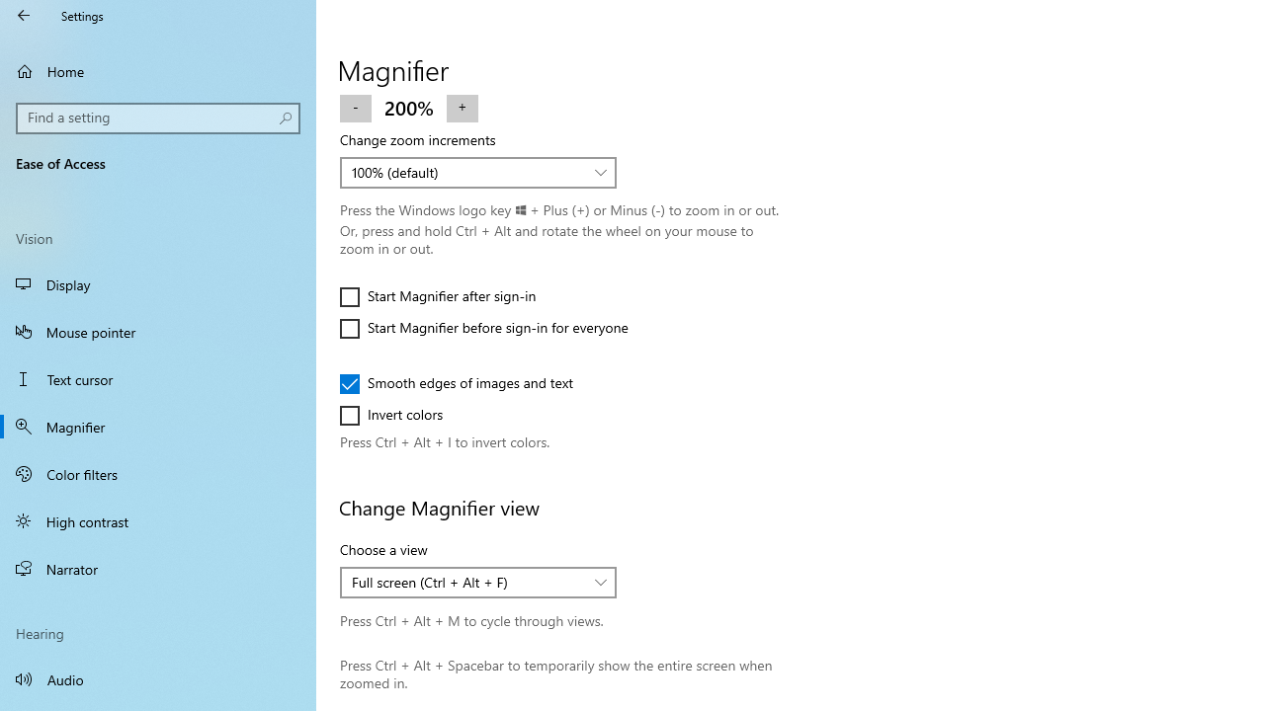 This screenshot has width=1265, height=711. Describe the element at coordinates (158, 118) in the screenshot. I see `'Search box, Find a setting'` at that location.